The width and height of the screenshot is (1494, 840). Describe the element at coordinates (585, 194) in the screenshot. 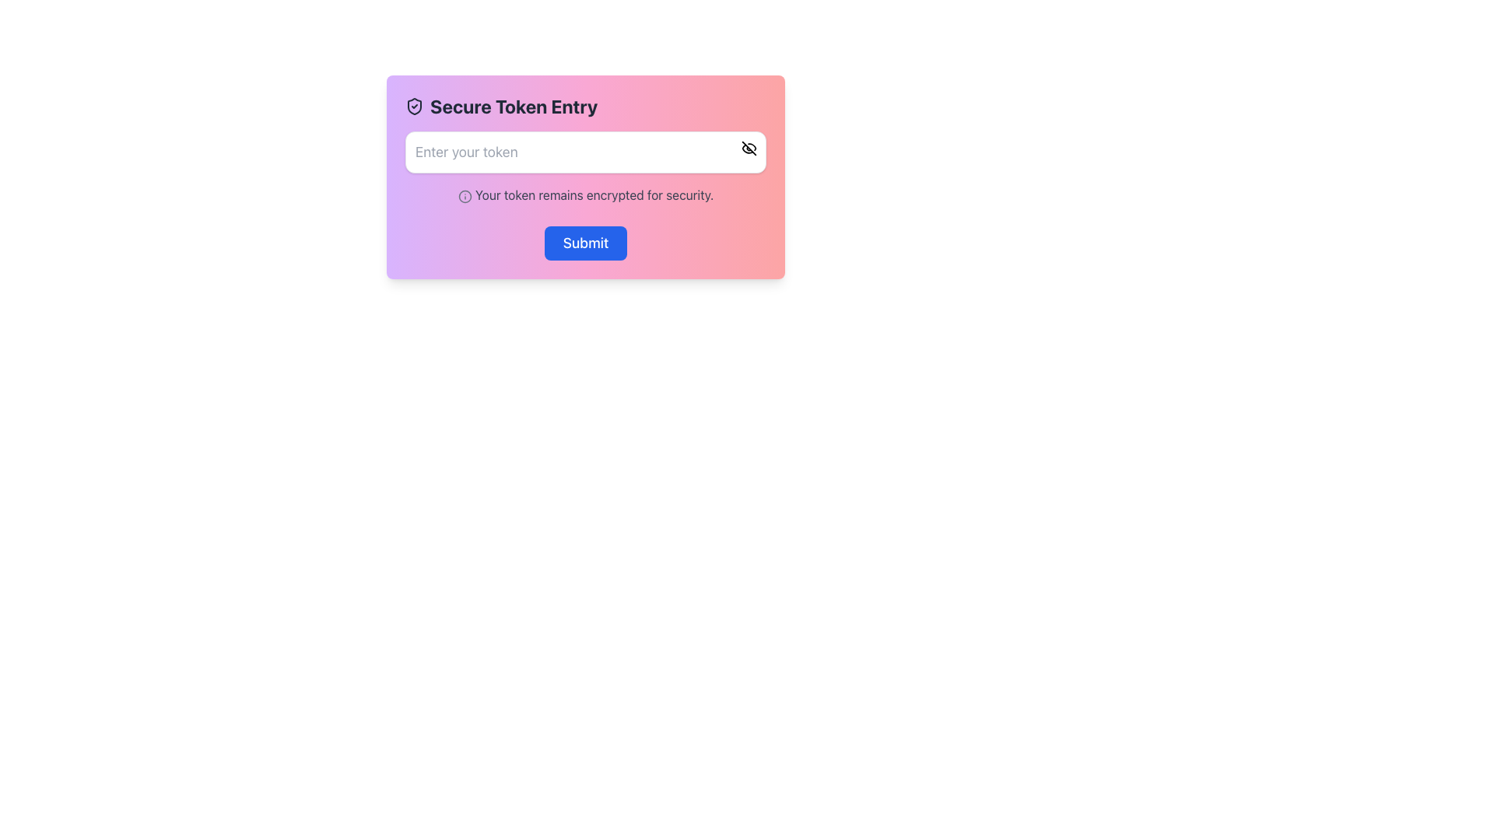

I see `the informational text label that conveys a message about security and encrypted handling of the token, positioned centrally below the token input field and above the 'Submit' button` at that location.